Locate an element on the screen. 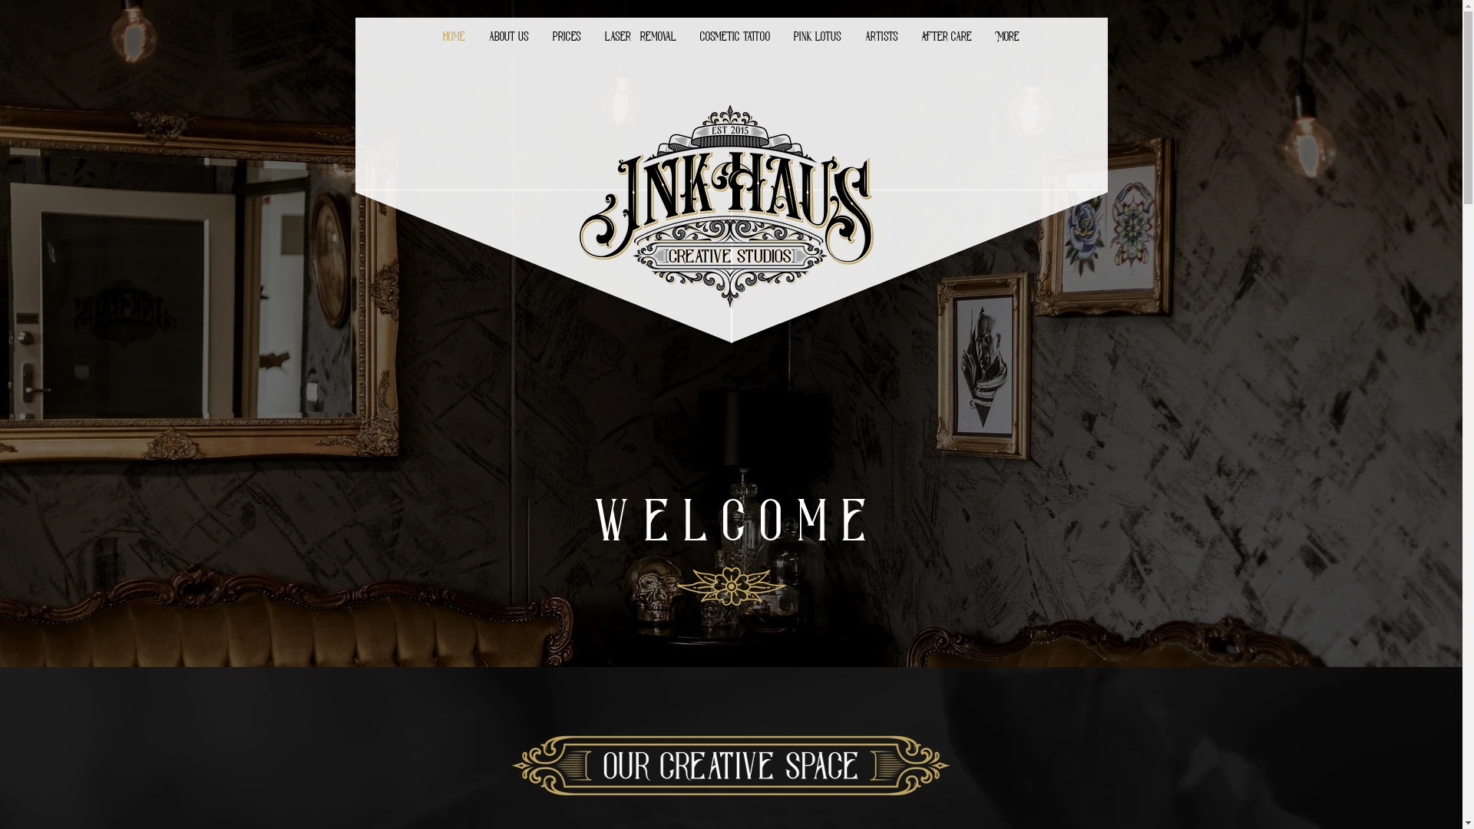  'prices' is located at coordinates (566, 35).